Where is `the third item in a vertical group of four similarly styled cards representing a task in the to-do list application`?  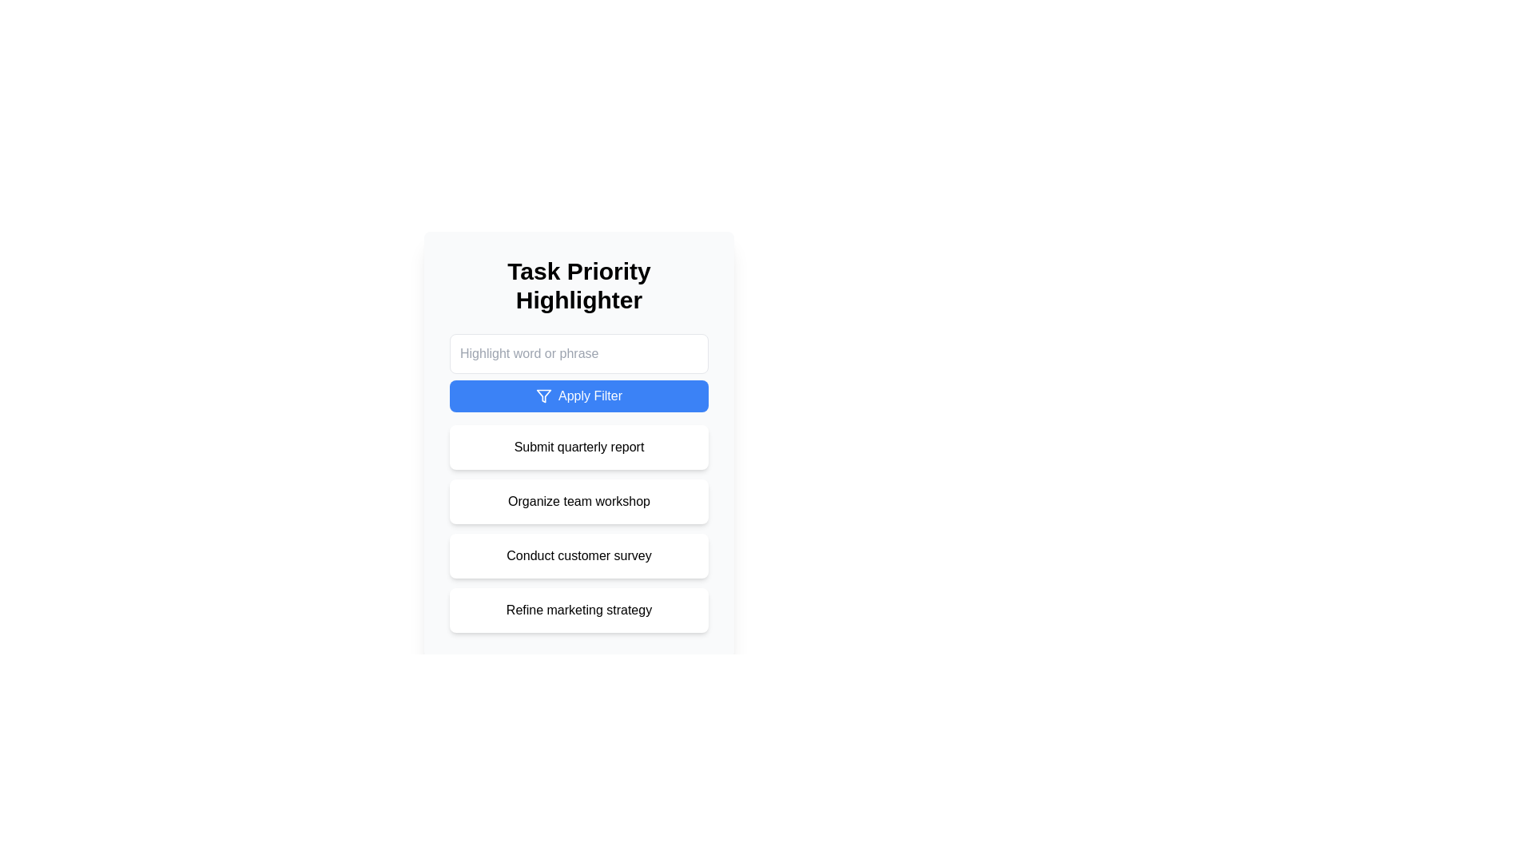
the third item in a vertical group of four similarly styled cards representing a task in the to-do list application is located at coordinates (578, 555).